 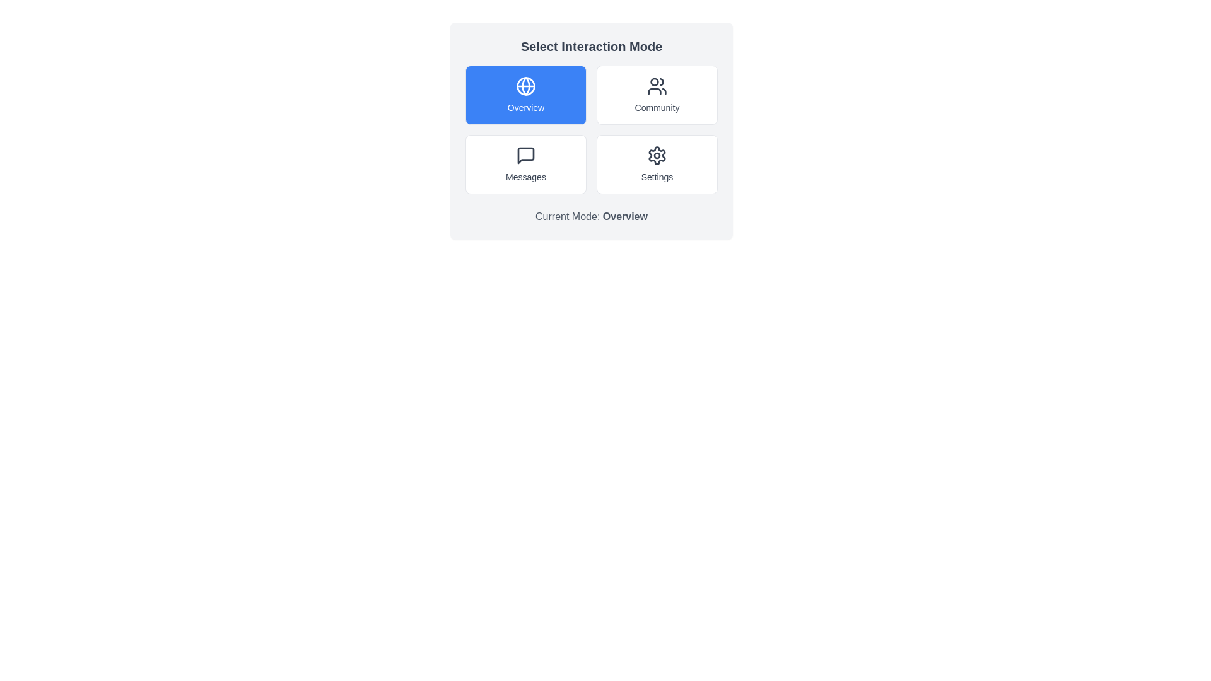 I want to click on the button corresponding to the interaction mode Settings, so click(x=656, y=164).